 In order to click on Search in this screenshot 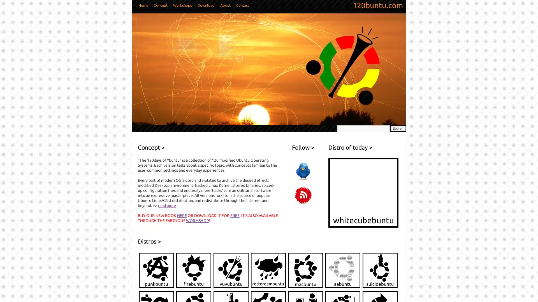, I will do `click(398, 128)`.